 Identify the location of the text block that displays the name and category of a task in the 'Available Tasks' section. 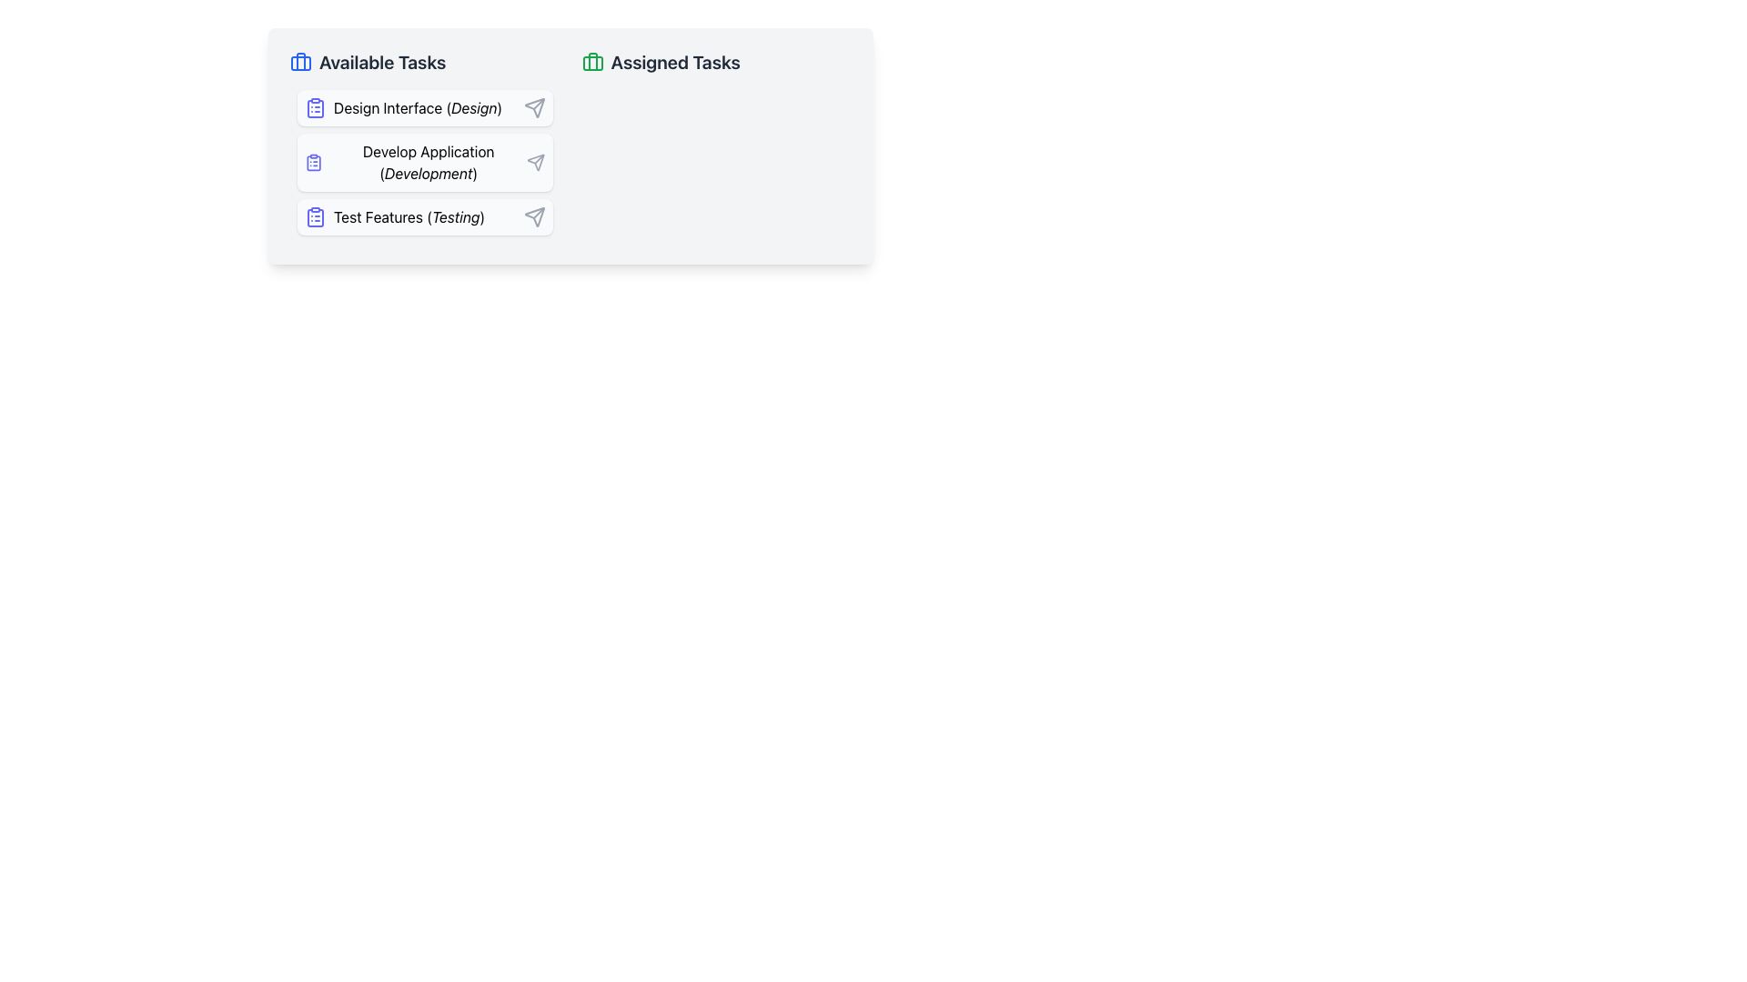
(428, 161).